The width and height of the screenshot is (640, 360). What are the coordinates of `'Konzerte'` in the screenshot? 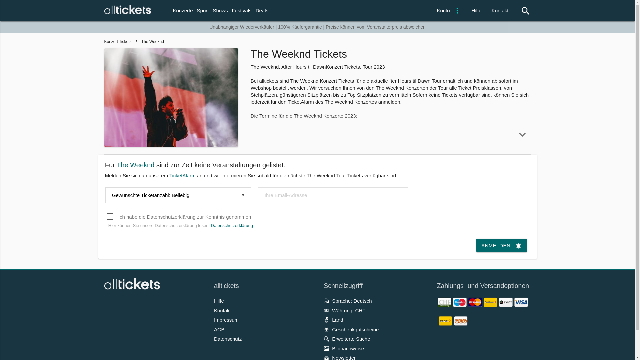 It's located at (182, 10).